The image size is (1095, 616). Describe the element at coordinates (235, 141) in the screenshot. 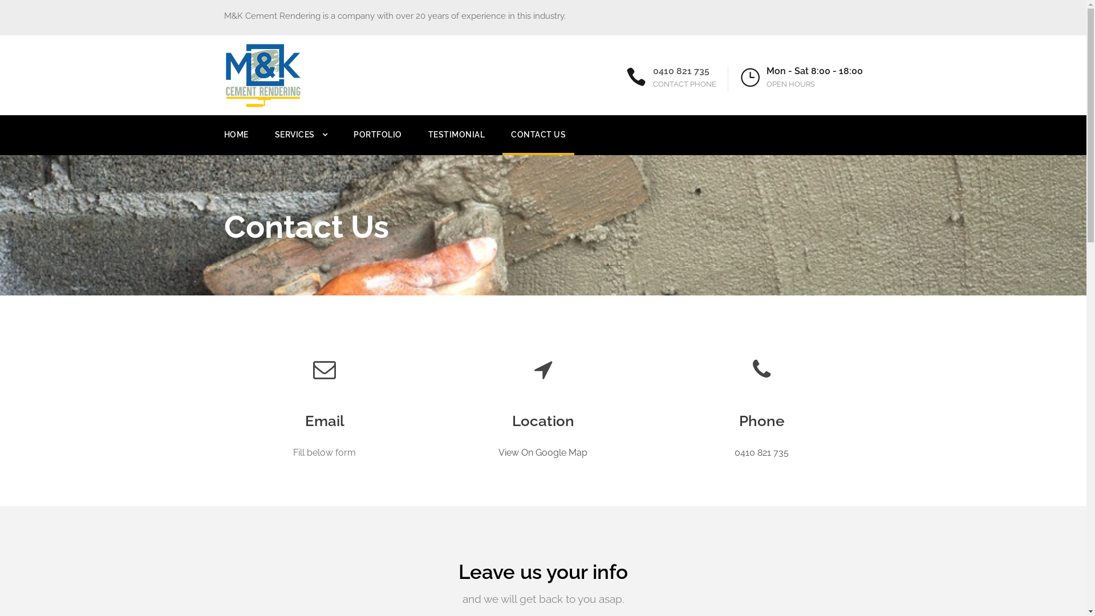

I see `'HOME'` at that location.